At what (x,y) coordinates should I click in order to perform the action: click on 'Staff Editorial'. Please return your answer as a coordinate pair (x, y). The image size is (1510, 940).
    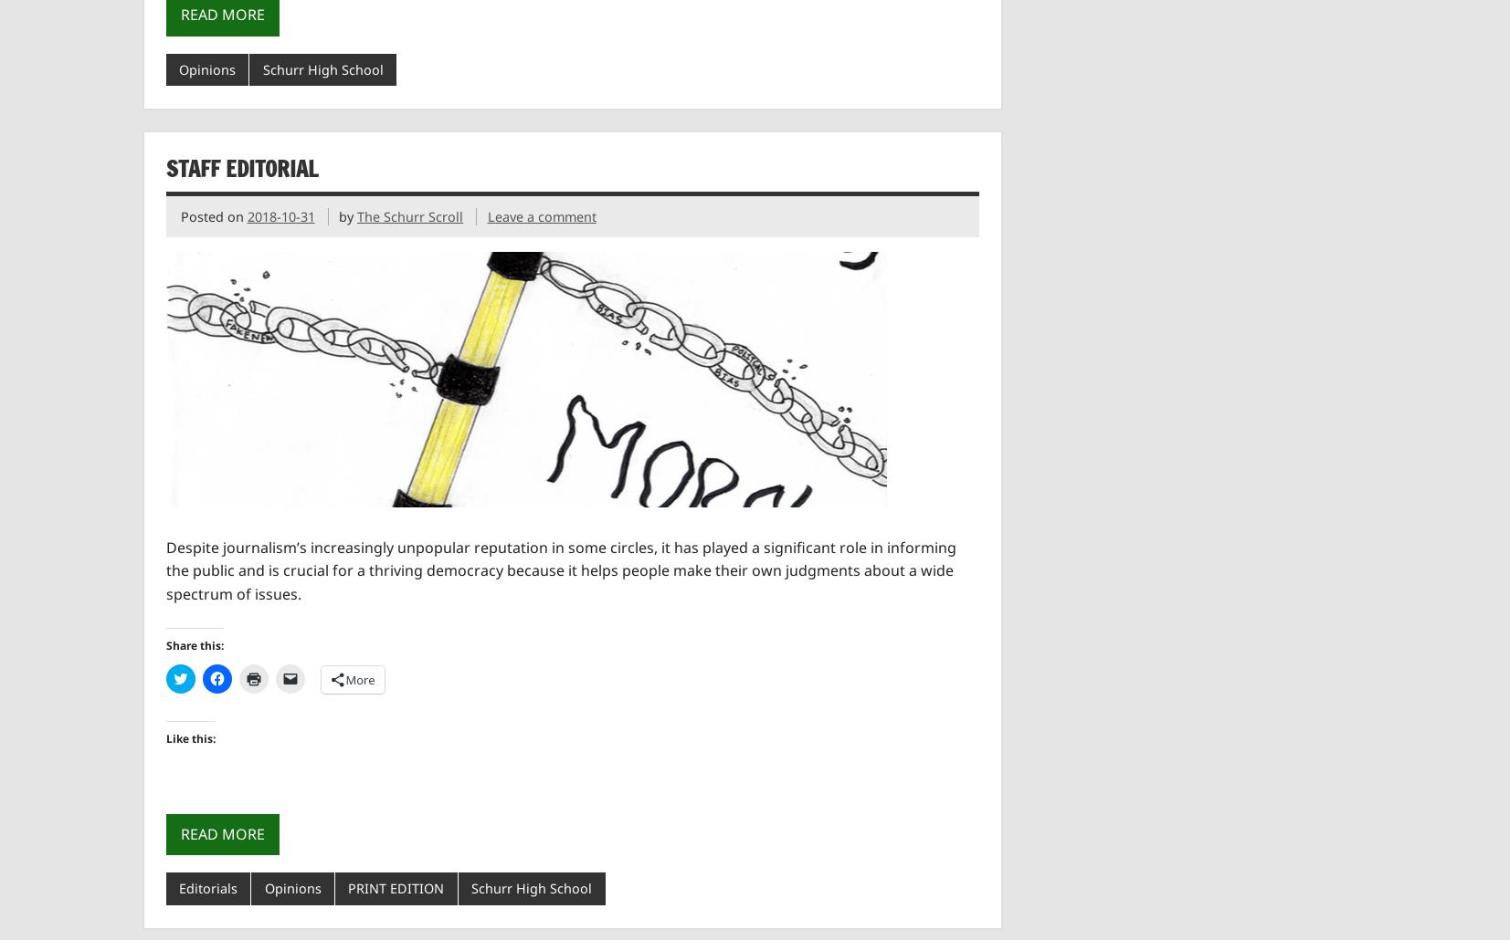
    Looking at the image, I should click on (239, 168).